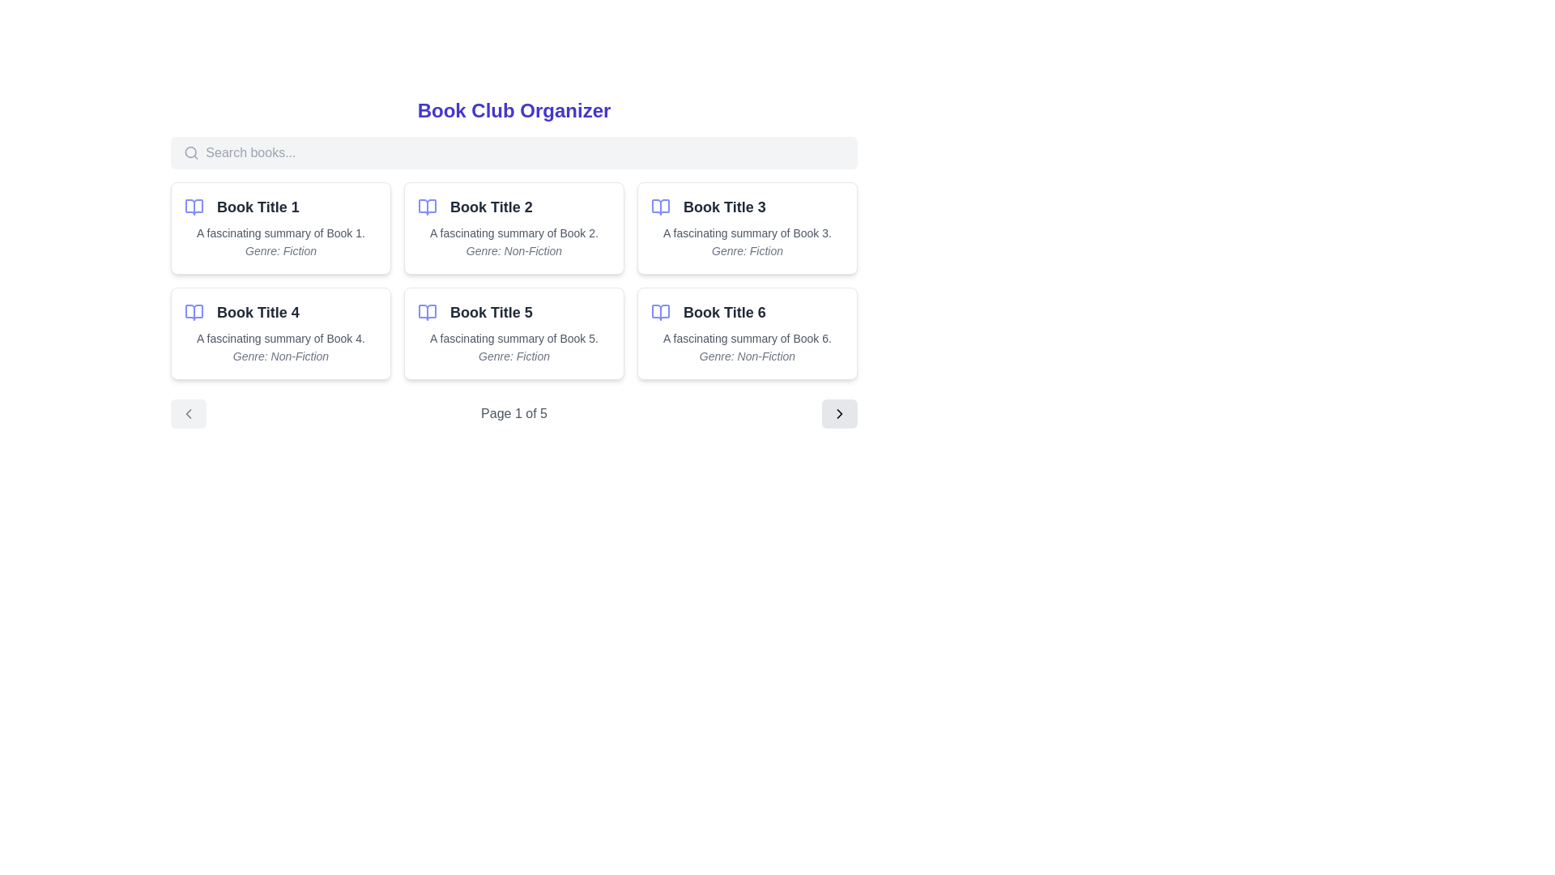 The width and height of the screenshot is (1555, 875). Describe the element at coordinates (194, 312) in the screenshot. I see `the book icon located to the left of the text 'Book Title 4' in the second row of the book list grid` at that location.